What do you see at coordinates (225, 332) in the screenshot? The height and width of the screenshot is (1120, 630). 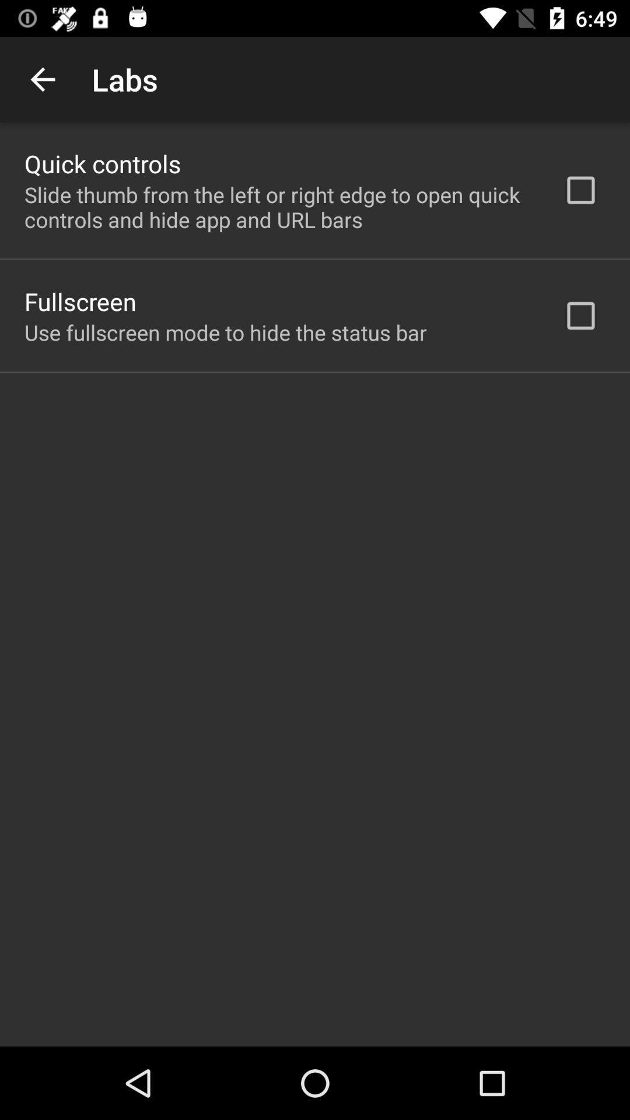 I see `use fullscreen mode` at bounding box center [225, 332].